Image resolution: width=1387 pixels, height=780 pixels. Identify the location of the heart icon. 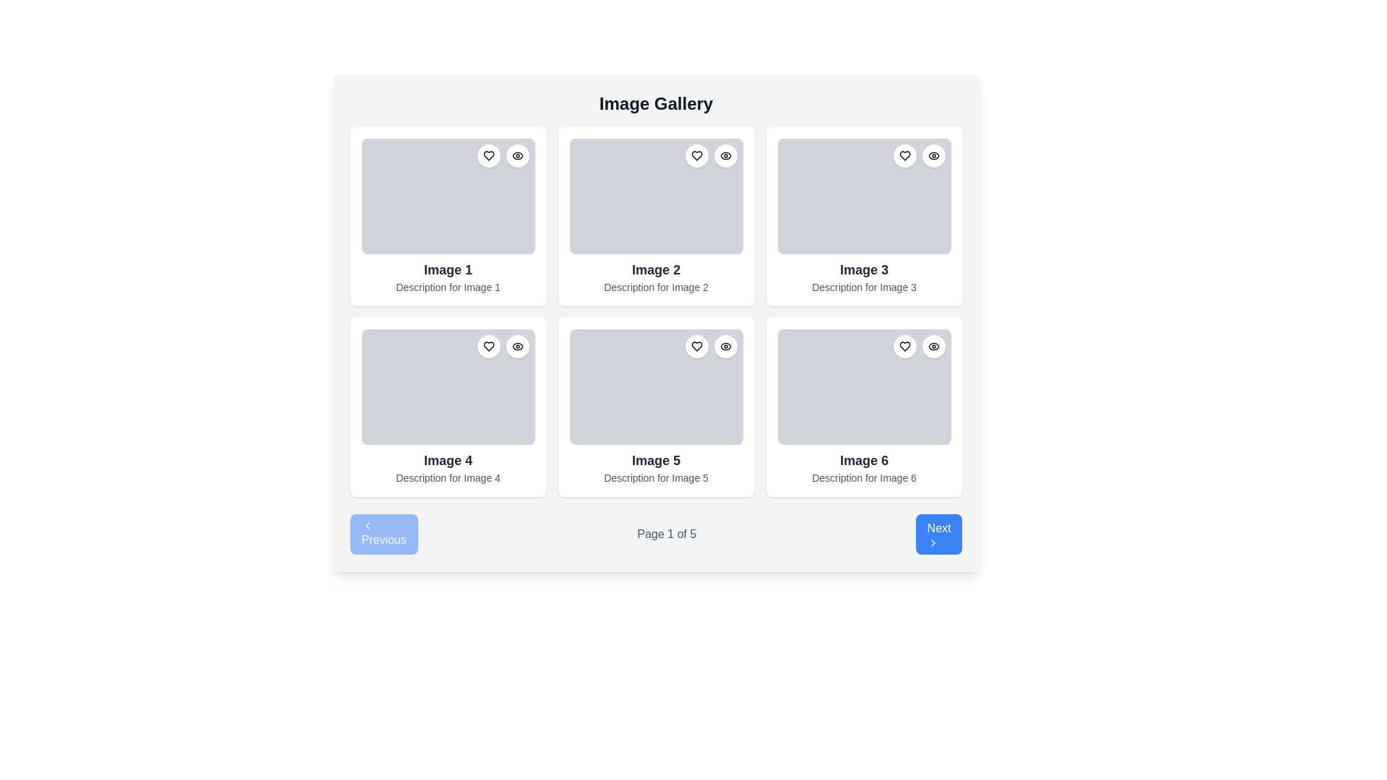
(696, 156).